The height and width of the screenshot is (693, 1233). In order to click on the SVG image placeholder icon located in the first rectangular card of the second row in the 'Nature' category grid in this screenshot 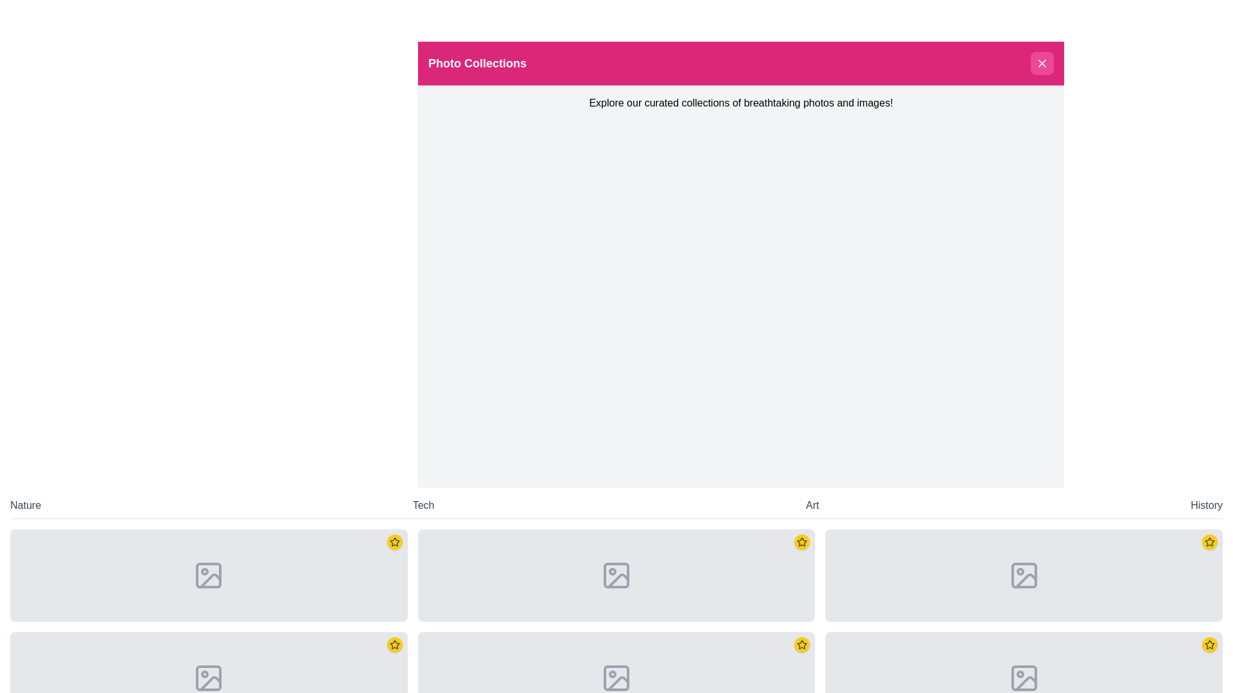, I will do `click(209, 575)`.